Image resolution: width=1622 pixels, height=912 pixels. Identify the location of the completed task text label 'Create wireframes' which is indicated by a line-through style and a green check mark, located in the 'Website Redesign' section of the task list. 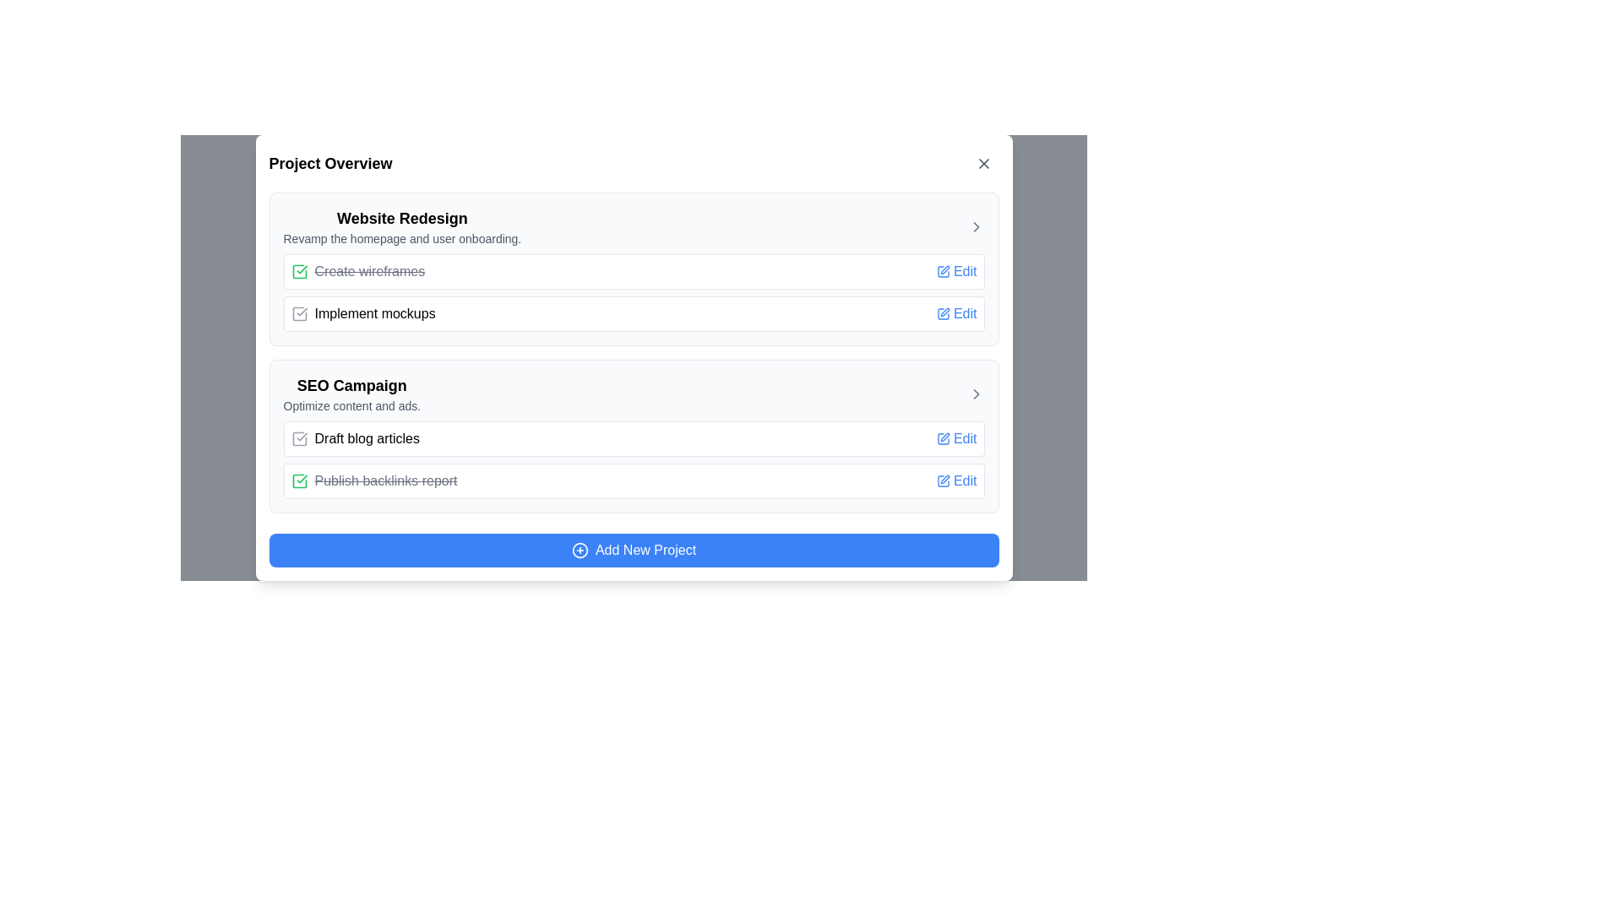
(368, 270).